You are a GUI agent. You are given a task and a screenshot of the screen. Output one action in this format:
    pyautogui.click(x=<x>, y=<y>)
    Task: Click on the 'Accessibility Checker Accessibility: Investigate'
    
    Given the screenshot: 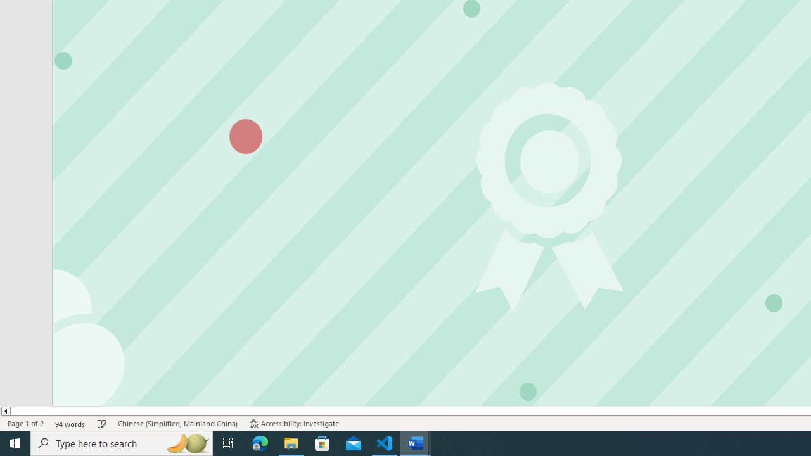 What is the action you would take?
    pyautogui.click(x=293, y=424)
    